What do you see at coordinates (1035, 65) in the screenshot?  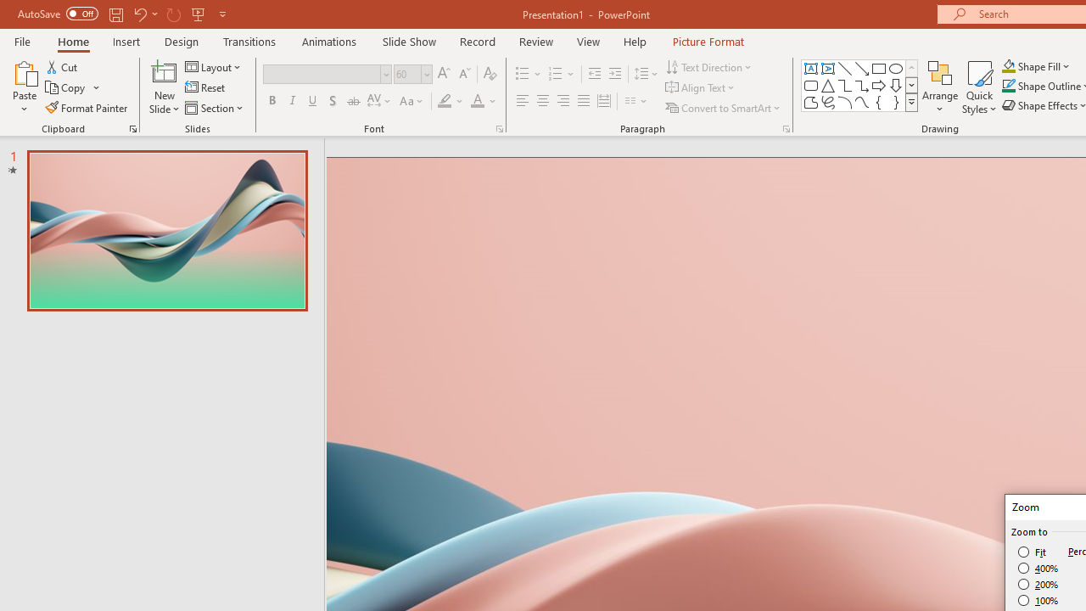 I see `'Shape Fill'` at bounding box center [1035, 65].